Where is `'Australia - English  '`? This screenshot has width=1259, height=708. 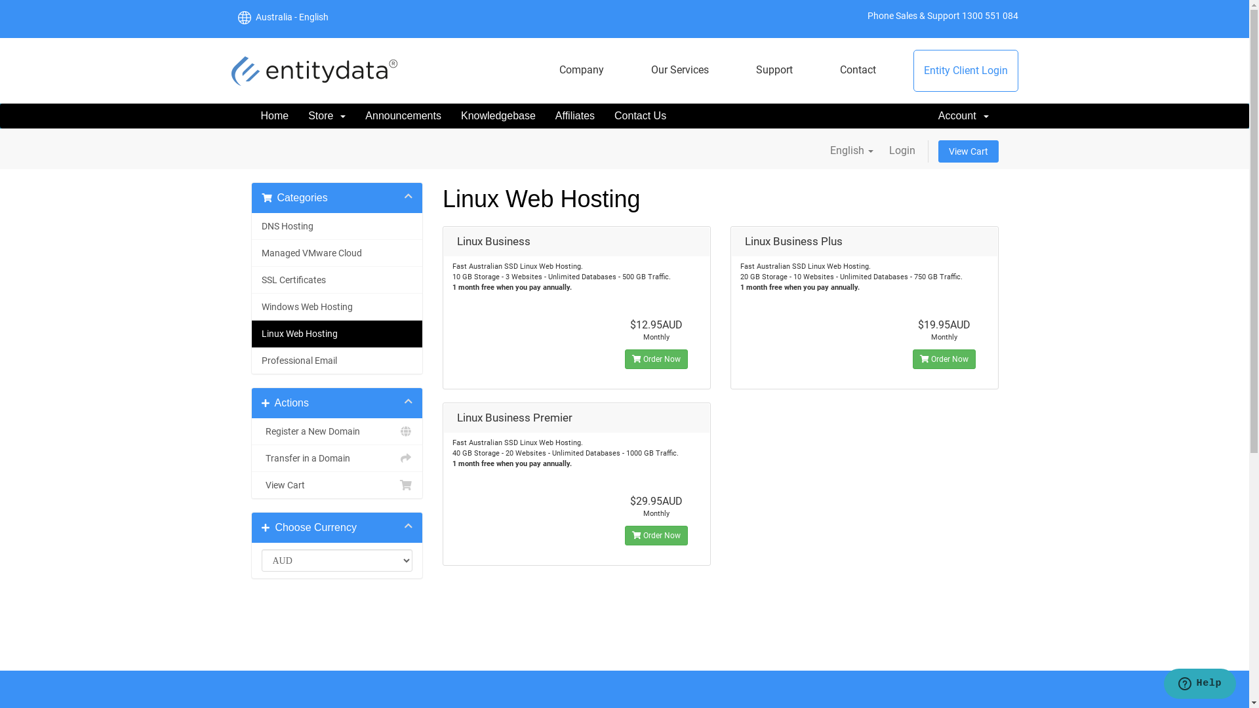
'Australia - English  ' is located at coordinates (289, 17).